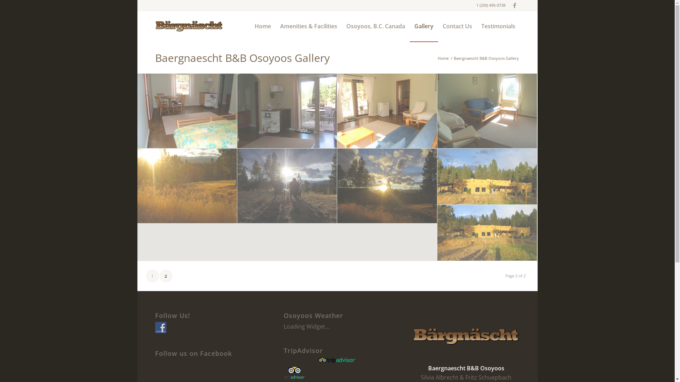 This screenshot has width=680, height=382. What do you see at coordinates (154, 25) in the screenshot?
I see `'logo-baergnaescht-header'` at bounding box center [154, 25].